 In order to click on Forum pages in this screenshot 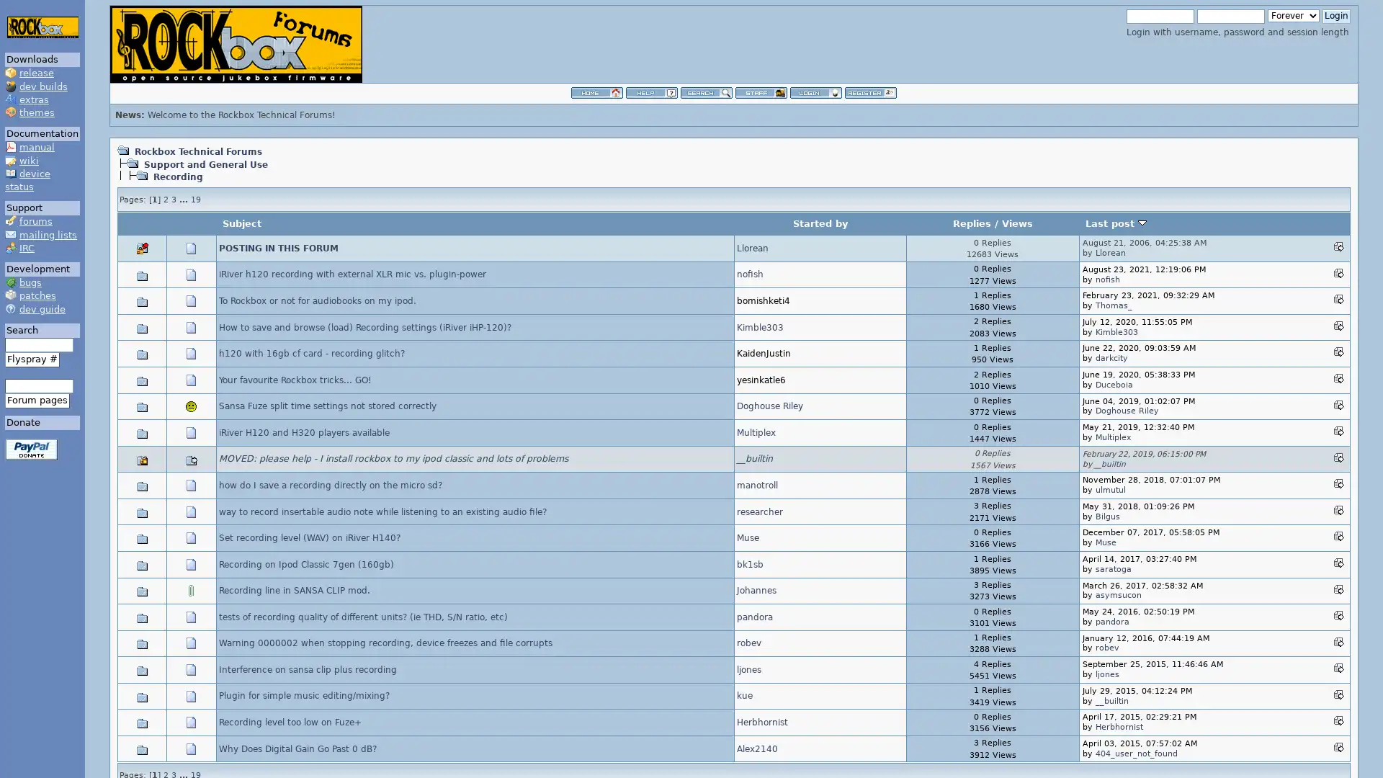, I will do `click(37, 400)`.